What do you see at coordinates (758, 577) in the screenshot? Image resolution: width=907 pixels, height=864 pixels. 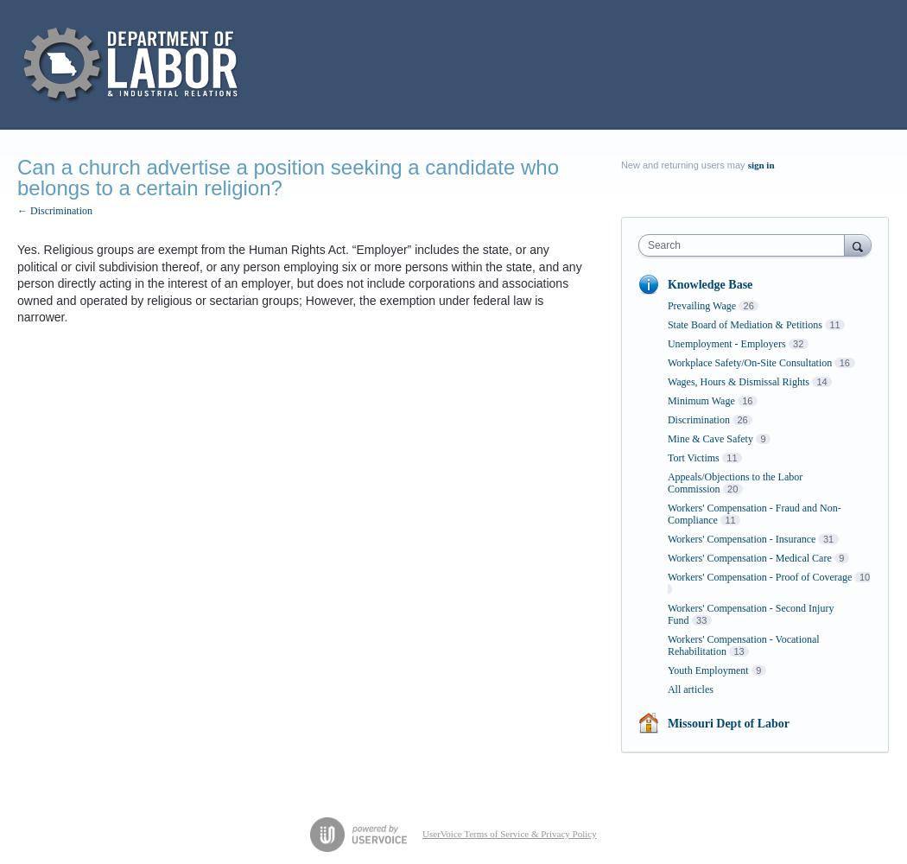 I see `'Workers' Compensation - Proof of Coverage'` at bounding box center [758, 577].